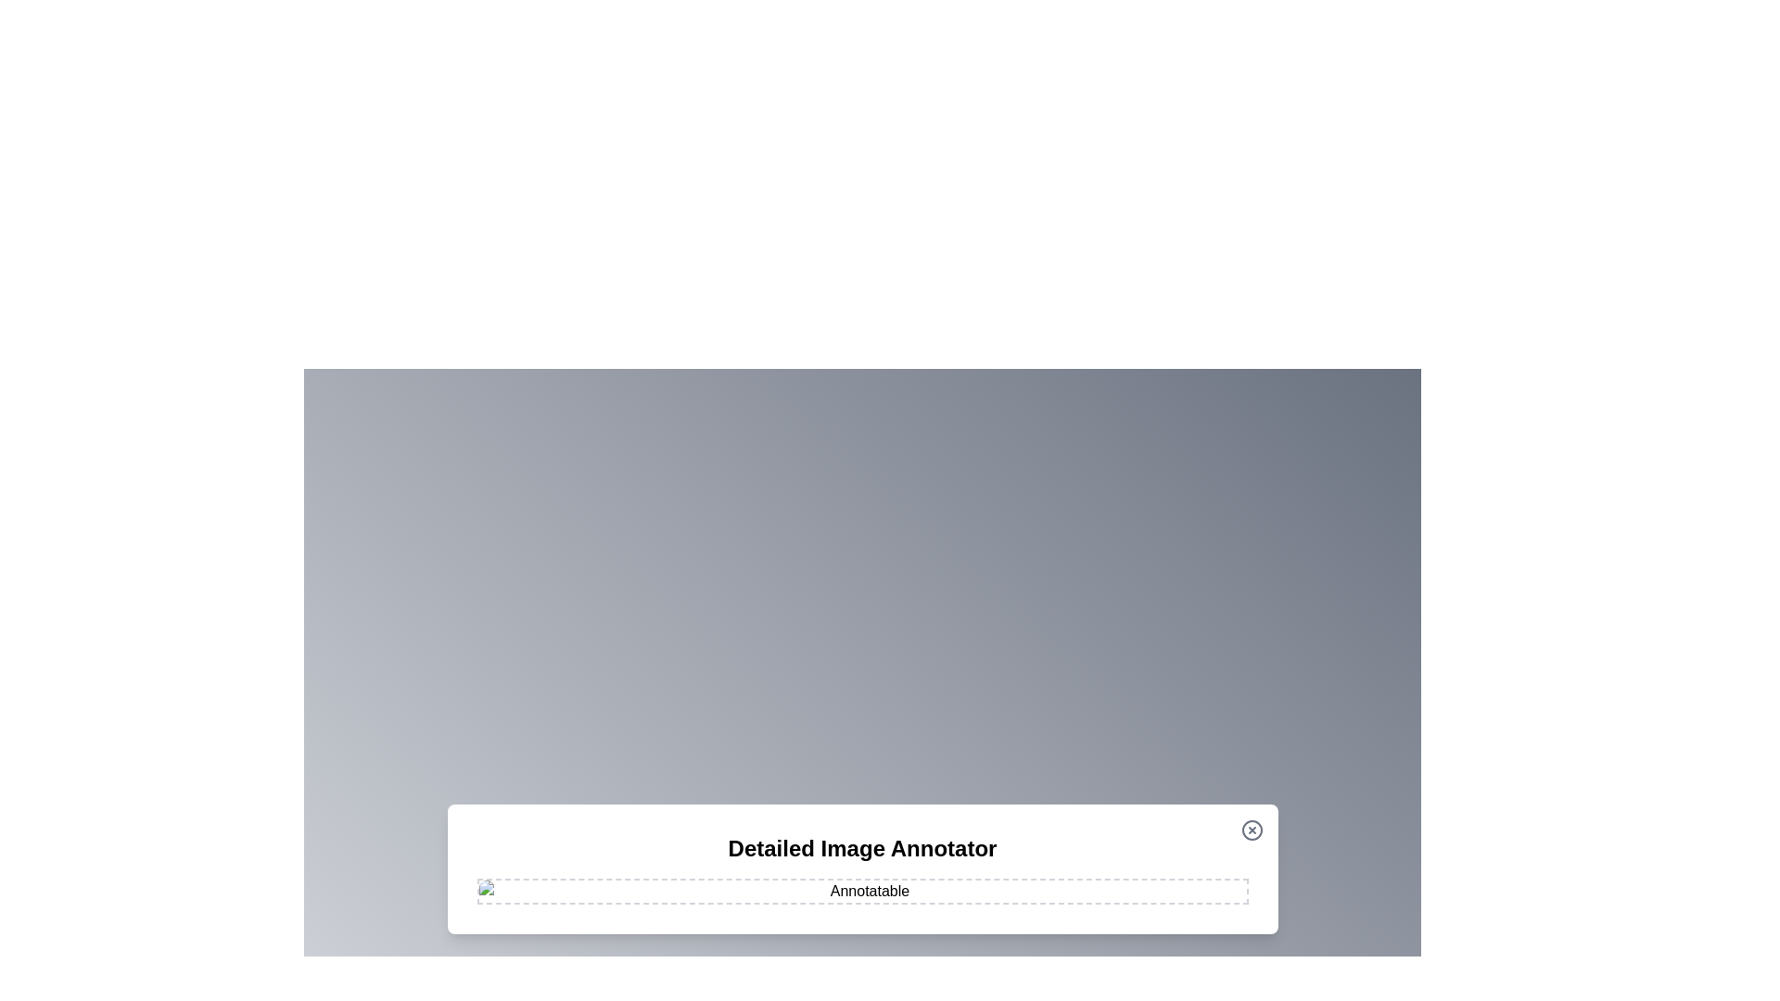 The height and width of the screenshot is (1001, 1780). I want to click on the image at coordinates (1158, 958) to add an annotation, so click(1073, 886).